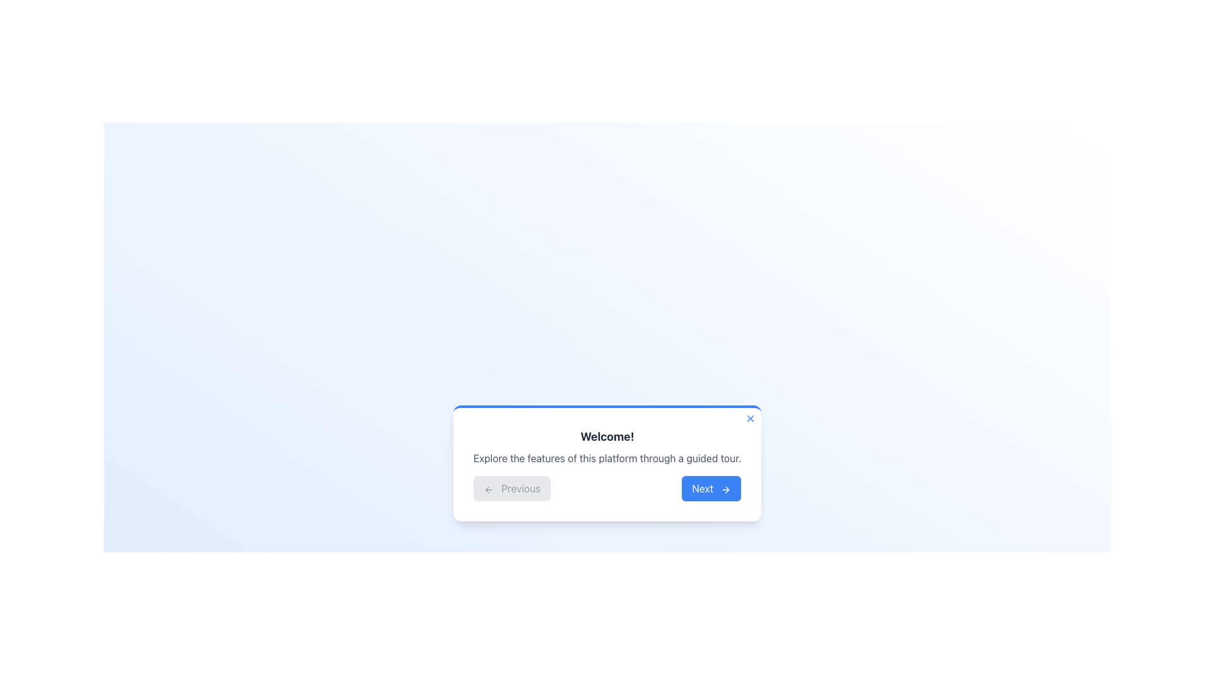  Describe the element at coordinates (727, 489) in the screenshot. I see `the arrow icon located within the blue 'Next' button at the bottom-right side of the dialog` at that location.